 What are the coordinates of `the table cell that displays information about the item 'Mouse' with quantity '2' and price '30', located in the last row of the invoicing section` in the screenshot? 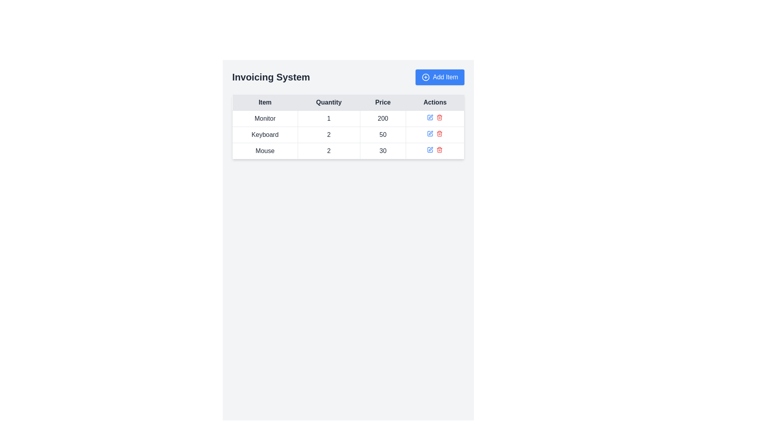 It's located at (348, 151).